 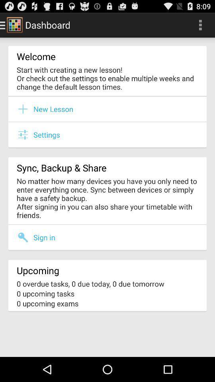 What do you see at coordinates (107, 197) in the screenshot?
I see `no matter how` at bounding box center [107, 197].